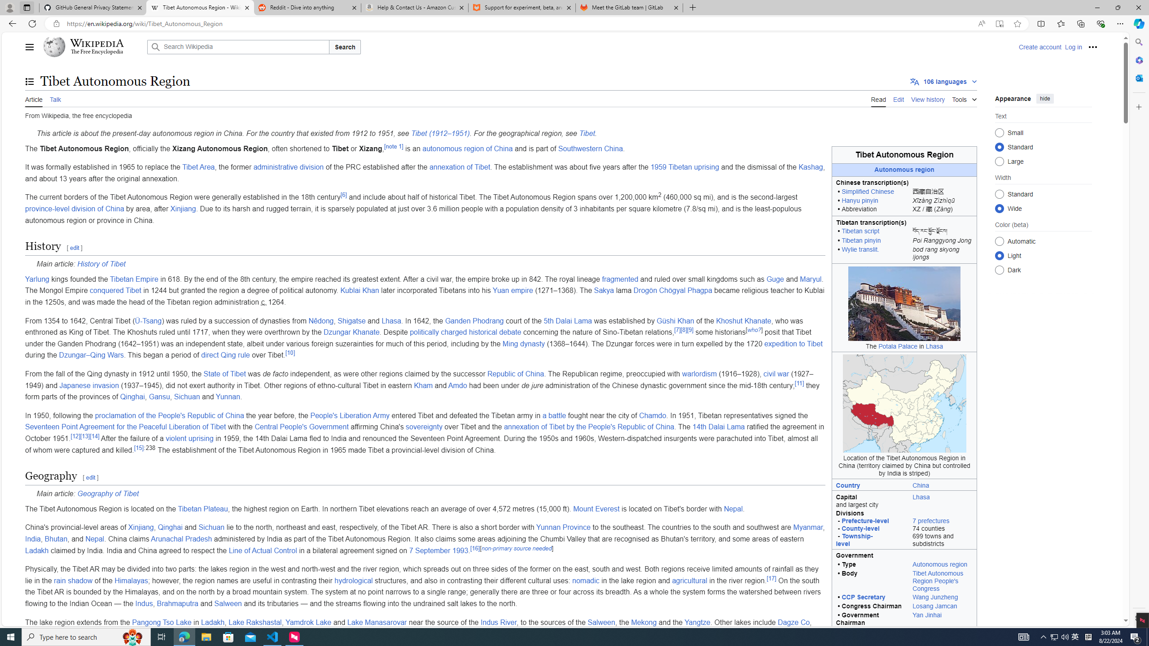 The height and width of the screenshot is (646, 1149). What do you see at coordinates (810, 166) in the screenshot?
I see `'Kashag'` at bounding box center [810, 166].